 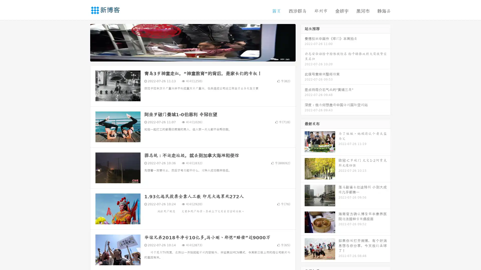 I want to click on Go to slide 2, so click(x=192, y=56).